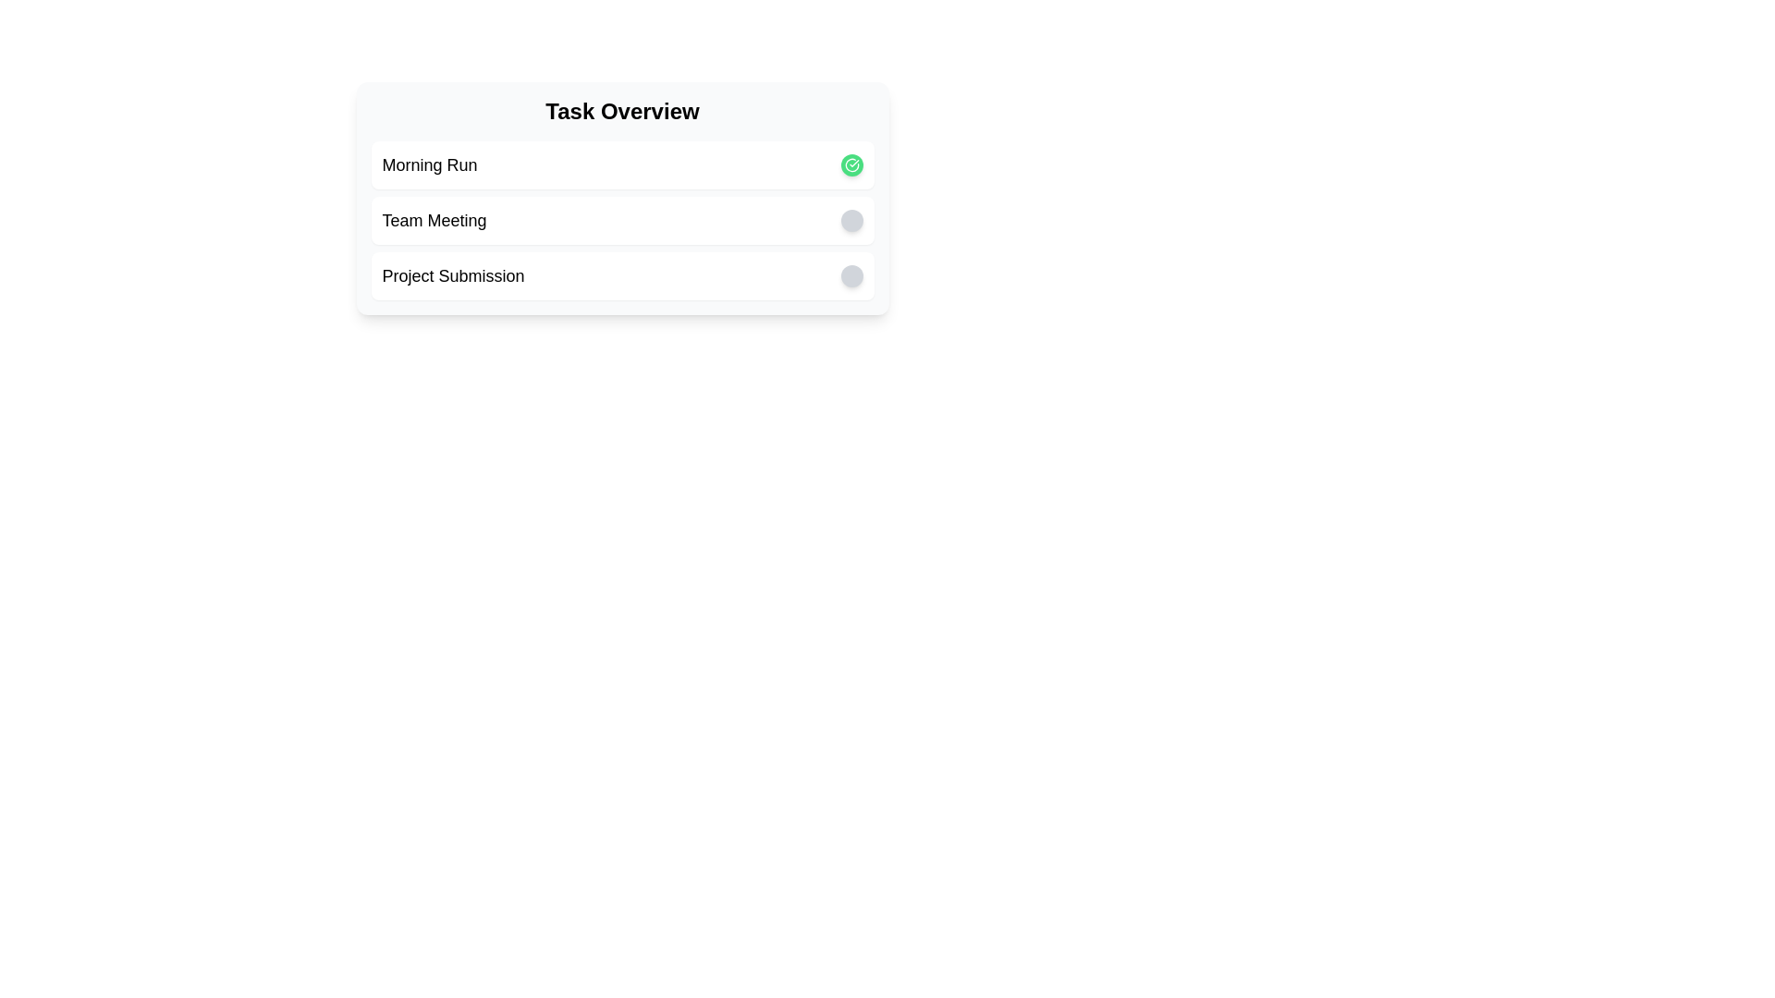 Image resolution: width=1775 pixels, height=998 pixels. I want to click on the task completion indicator button for 'Morning Run', so click(851, 164).